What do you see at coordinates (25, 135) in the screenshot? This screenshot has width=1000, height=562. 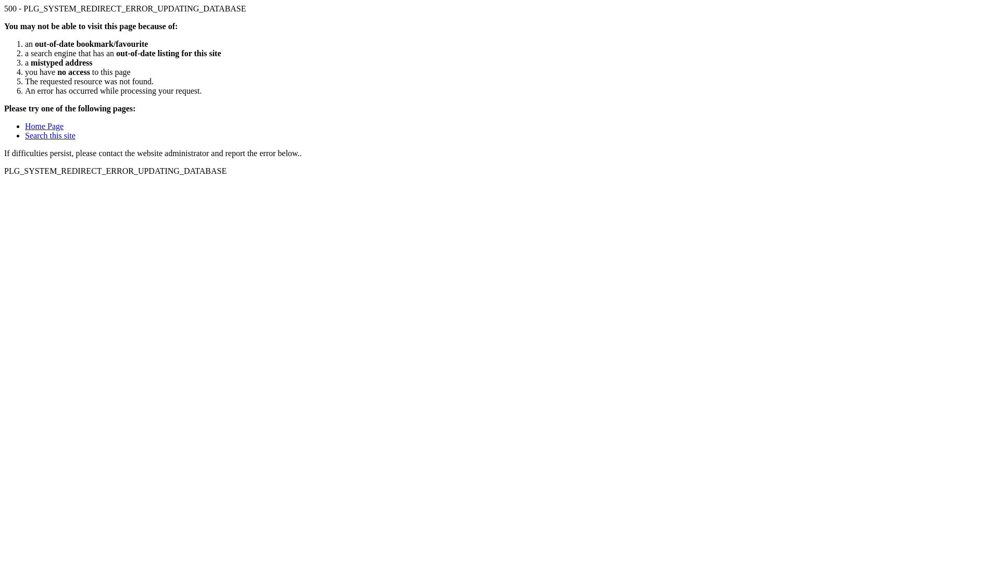 I see `'Search this site'` at bounding box center [25, 135].